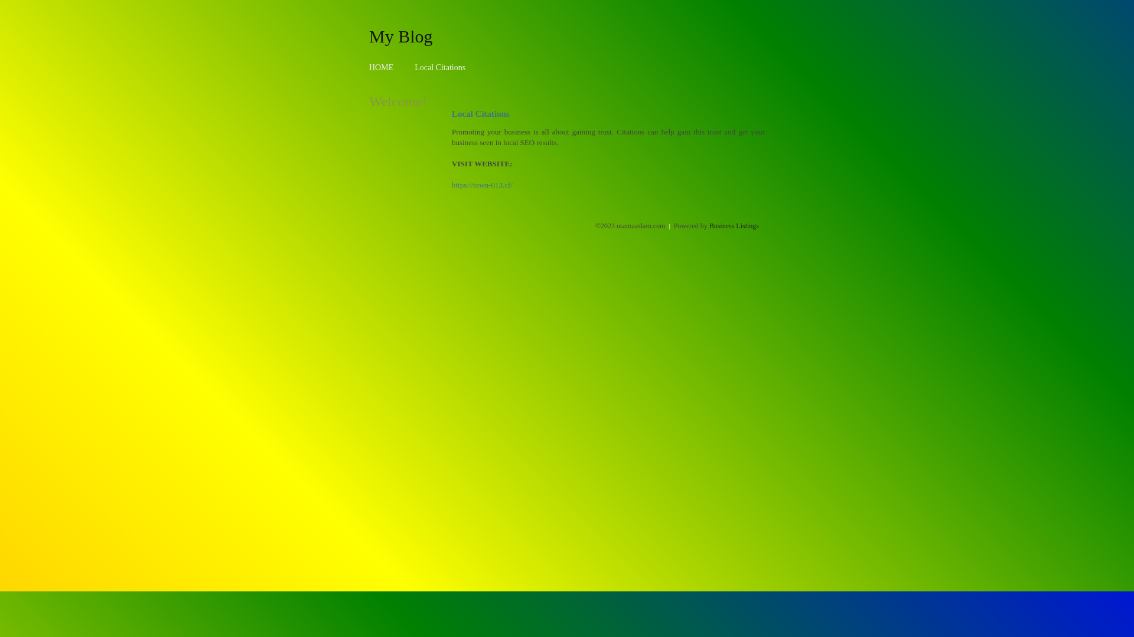  I want to click on 'Business Listings', so click(734, 225).